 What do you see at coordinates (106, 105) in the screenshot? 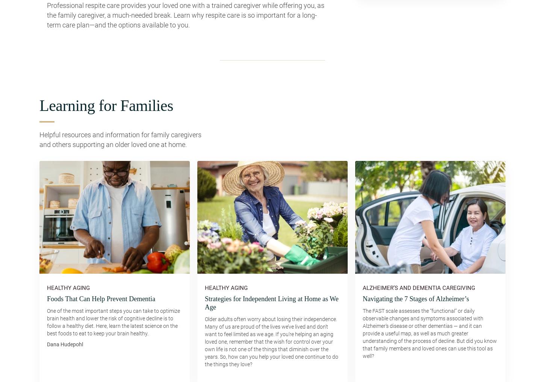
I see `'Learning for Families'` at bounding box center [106, 105].